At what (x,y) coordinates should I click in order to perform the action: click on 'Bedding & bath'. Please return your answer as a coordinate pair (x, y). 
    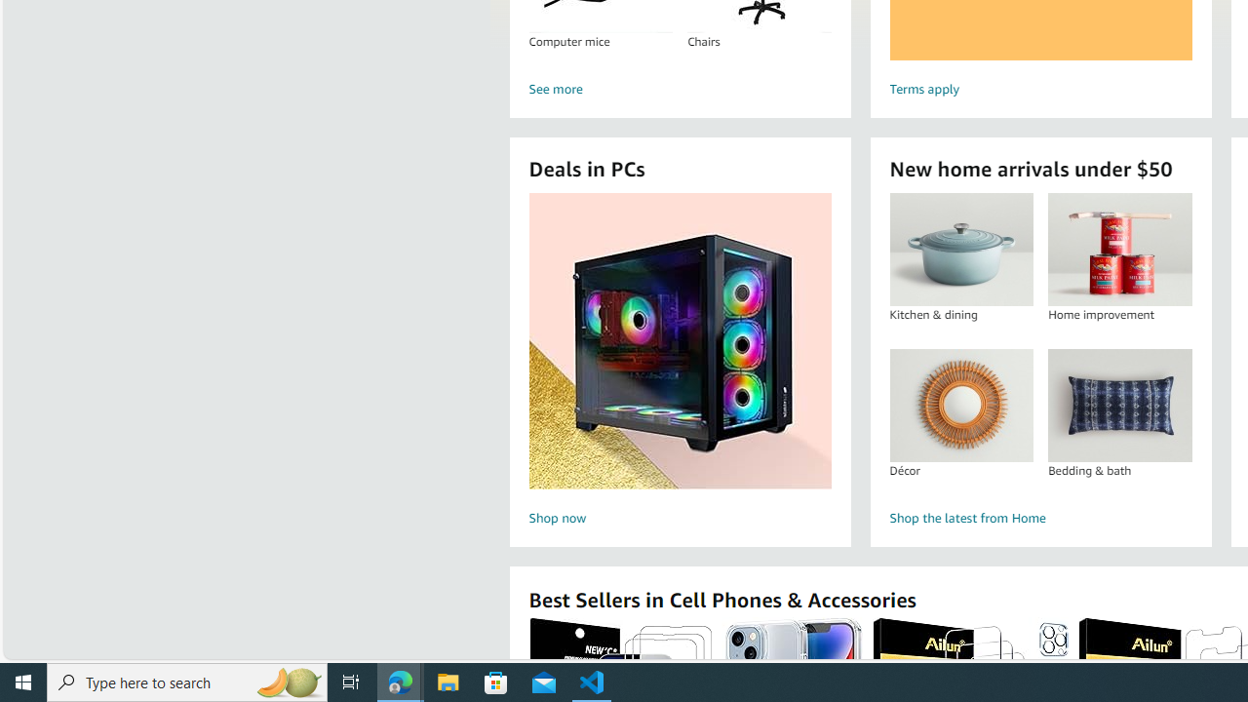
    Looking at the image, I should click on (1119, 404).